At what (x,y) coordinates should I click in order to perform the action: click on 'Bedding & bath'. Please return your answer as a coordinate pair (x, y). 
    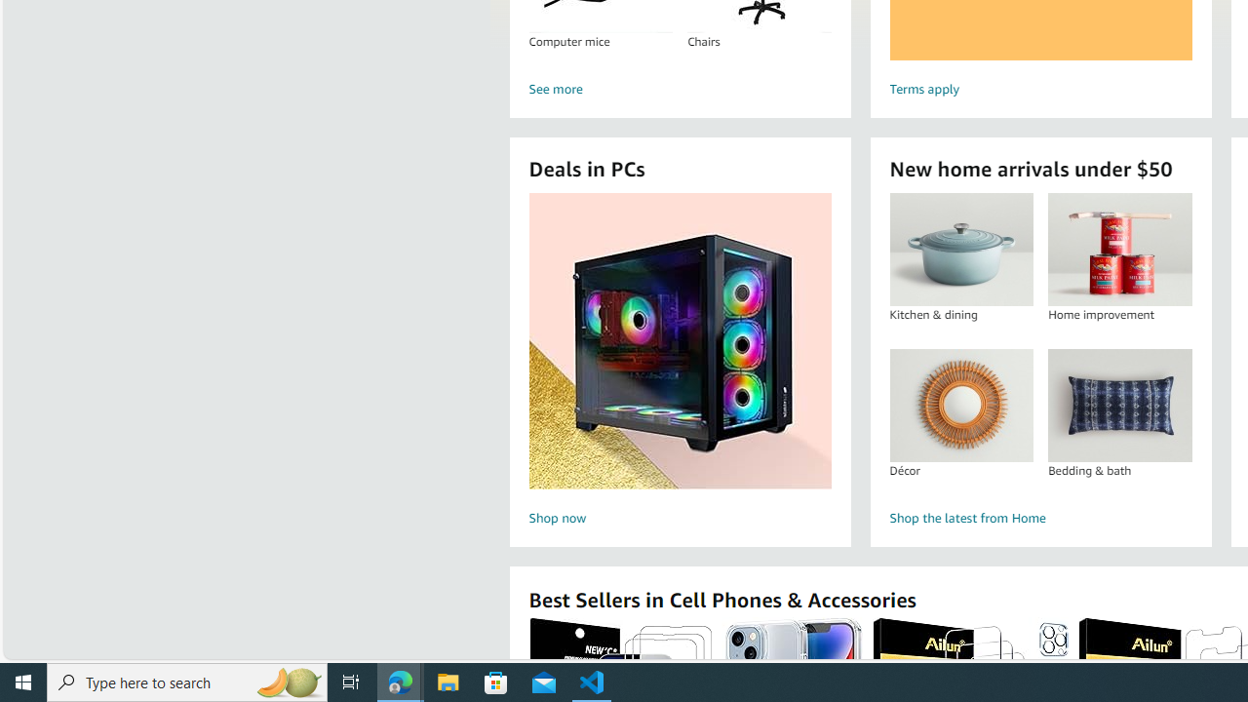
    Looking at the image, I should click on (1119, 404).